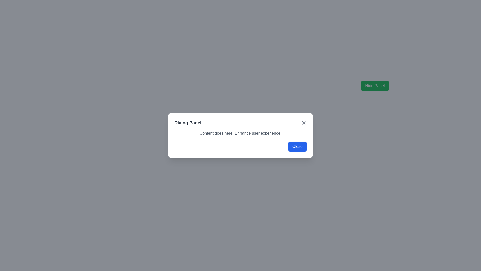 The height and width of the screenshot is (271, 481). Describe the element at coordinates (304, 123) in the screenshot. I see `the Close Icon located in the top-right corner of the 'Dialog Panel' modal dialog box` at that location.